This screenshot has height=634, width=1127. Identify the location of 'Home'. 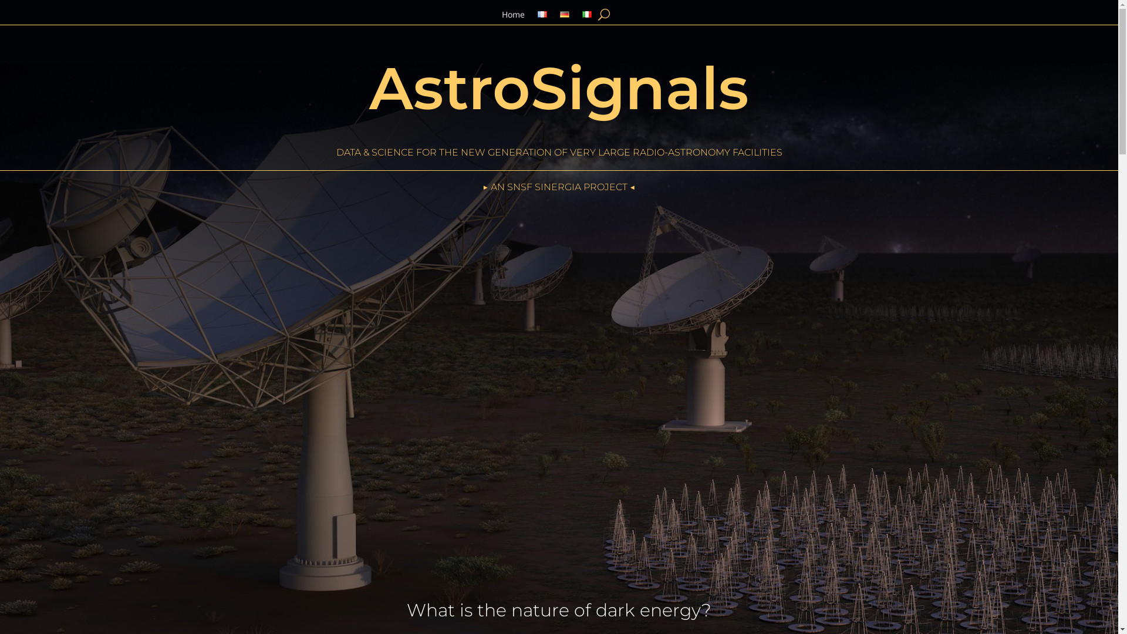
(513, 17).